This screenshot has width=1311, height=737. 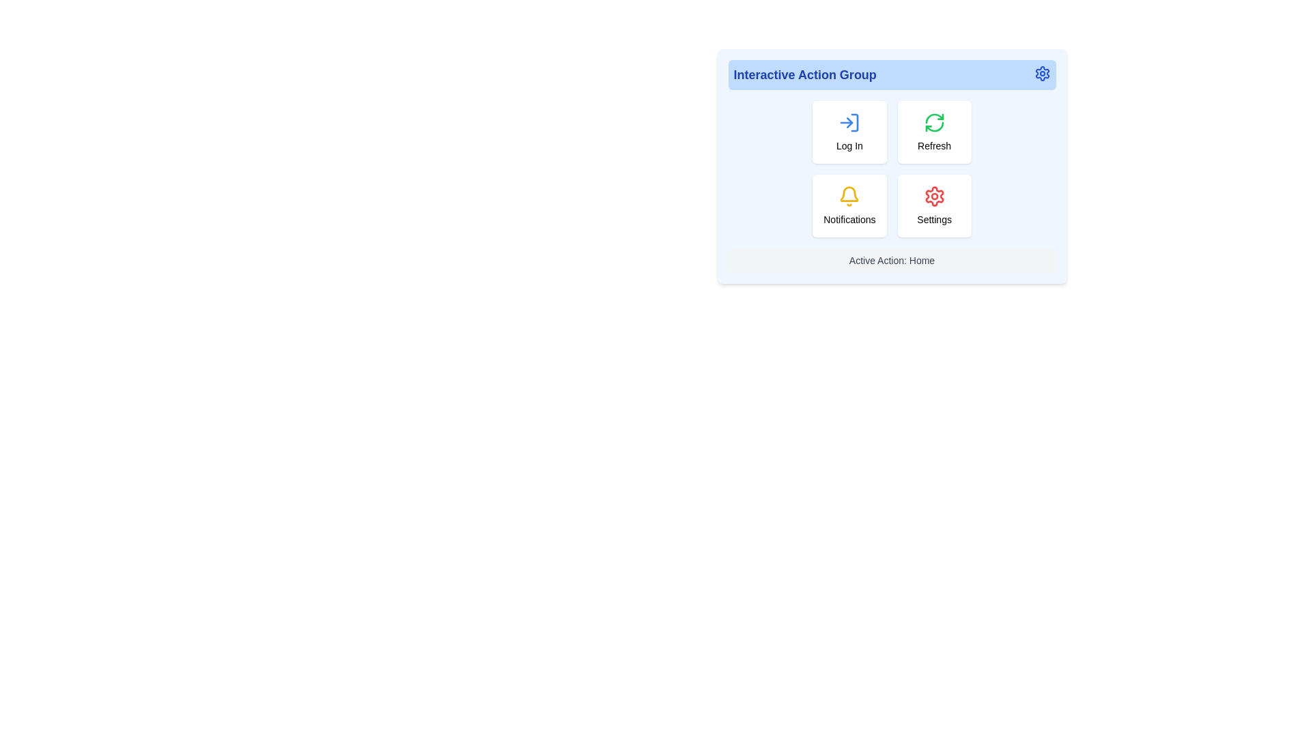 I want to click on the vertical line segment of the 'Log In' icon, which is a blue arrow pointing right at the top left of the grid layout, so click(x=854, y=123).